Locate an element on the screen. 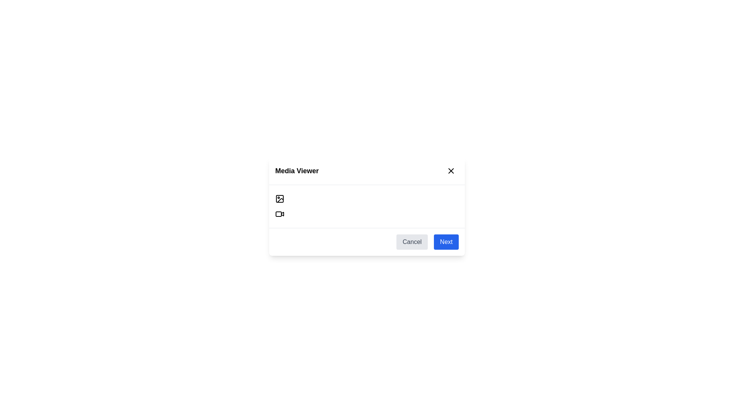 The width and height of the screenshot is (734, 413). the blue rectangular button labeled 'Next' located on the bottom-right side of the dialog box to proceed is located at coordinates (446, 242).